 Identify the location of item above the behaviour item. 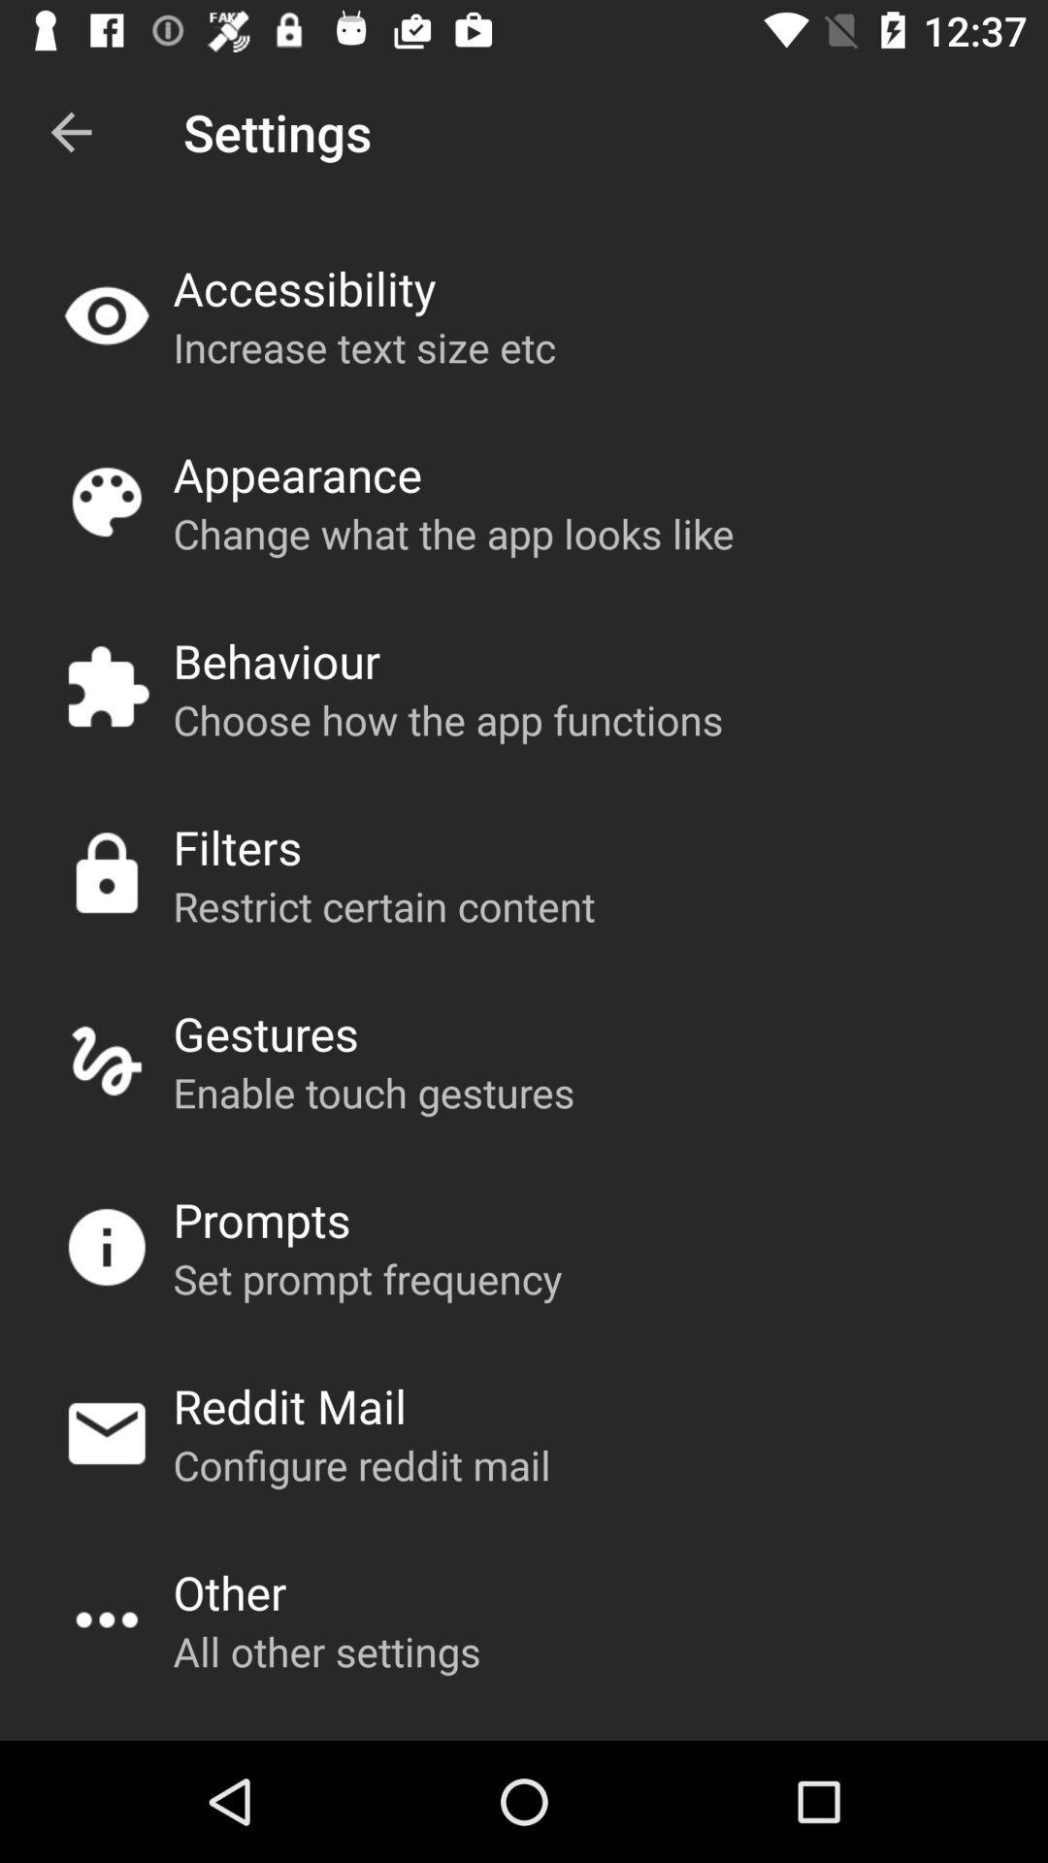
(453, 533).